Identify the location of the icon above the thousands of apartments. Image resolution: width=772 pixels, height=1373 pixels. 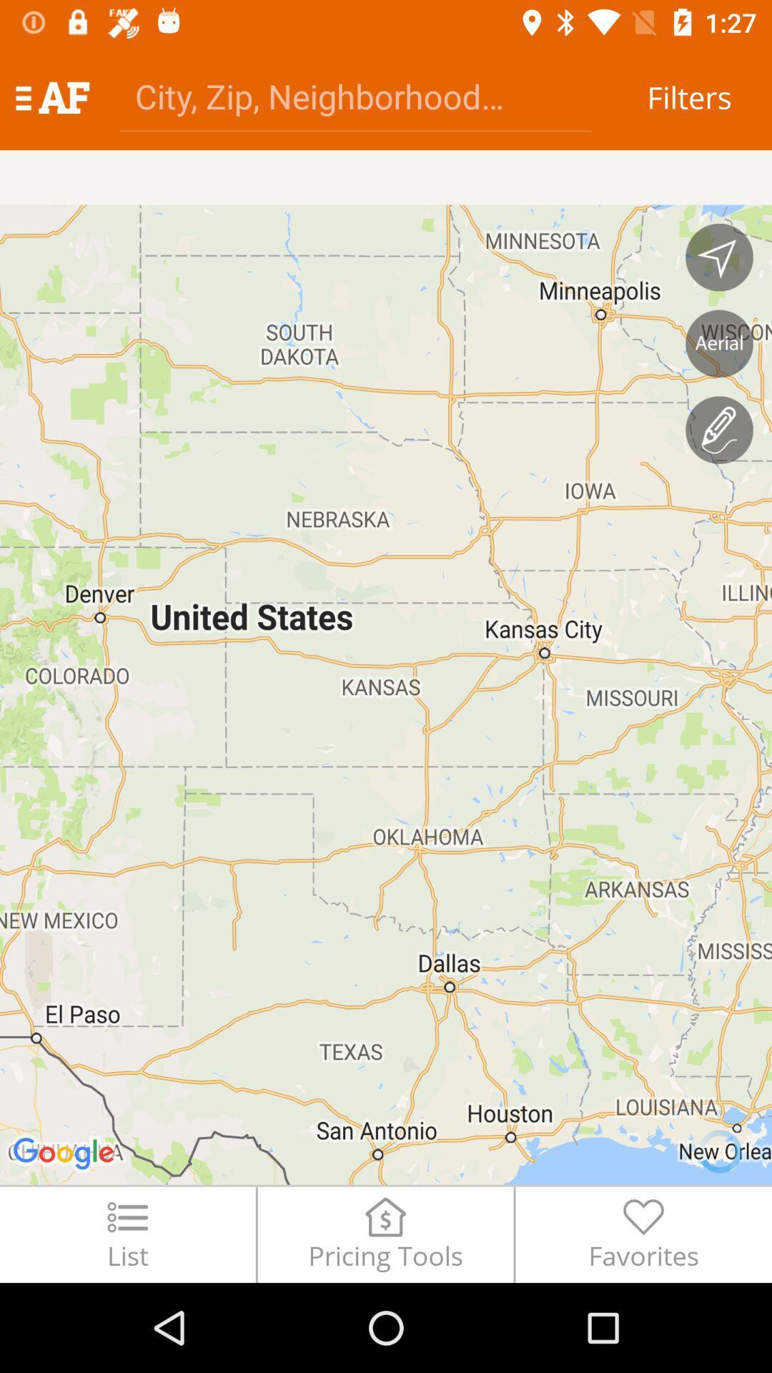
(51, 97).